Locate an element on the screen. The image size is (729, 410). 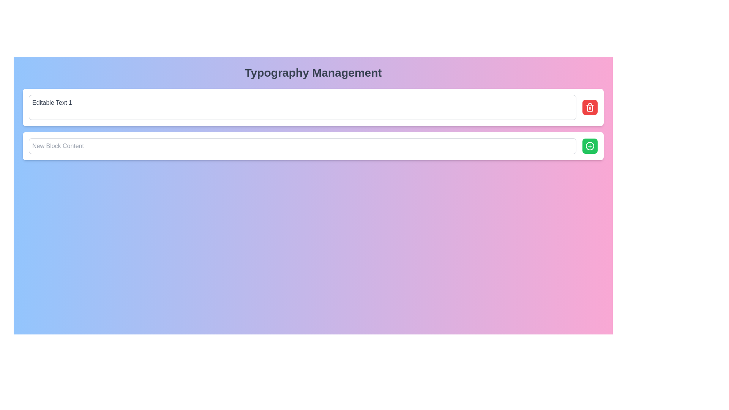
the delete icon button located on the right side of the 'Editable Text 1' input field is located at coordinates (590, 107).